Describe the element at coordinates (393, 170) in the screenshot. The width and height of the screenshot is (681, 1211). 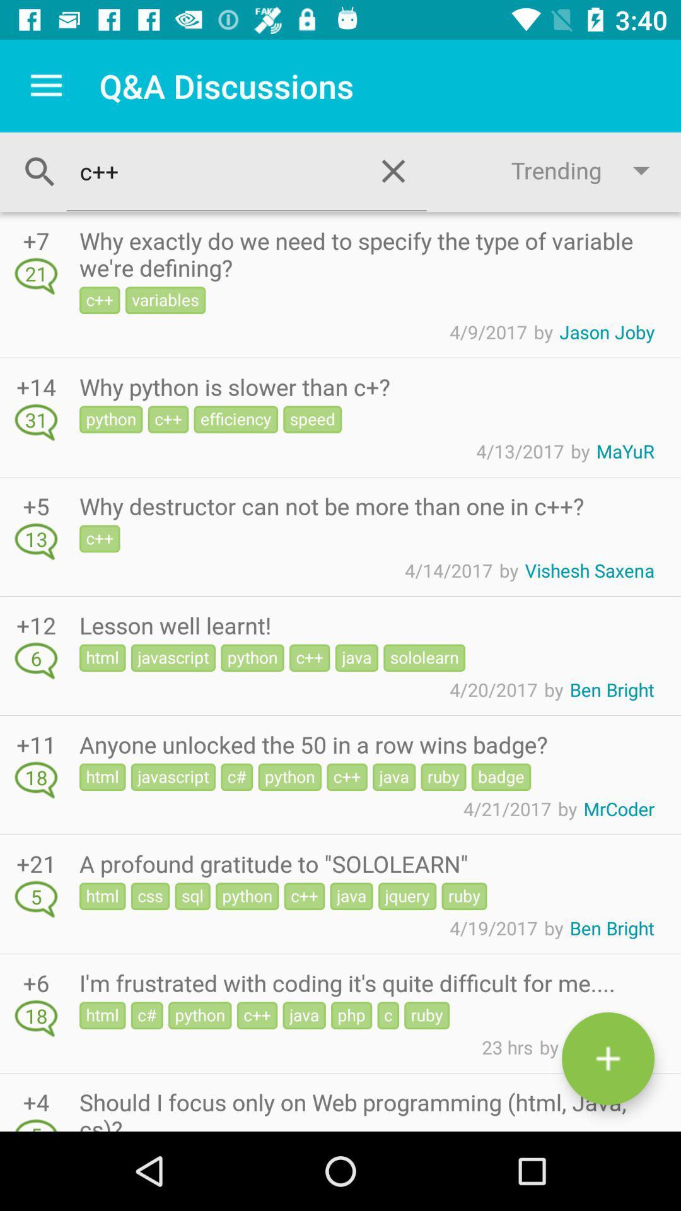
I see `the close icon` at that location.